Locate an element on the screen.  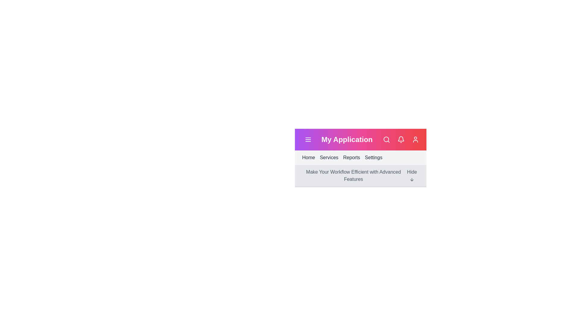
the 'Hide' button to close the details section is located at coordinates (412, 175).